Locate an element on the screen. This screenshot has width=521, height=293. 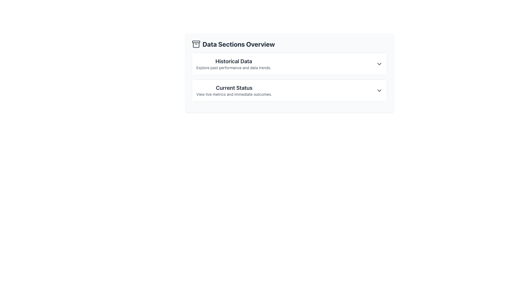
the text label that provides a brief description of the 'Historical Data' section, located beneath the header text 'Historical Data' within the 'Data Sections Overview' is located at coordinates (234, 68).